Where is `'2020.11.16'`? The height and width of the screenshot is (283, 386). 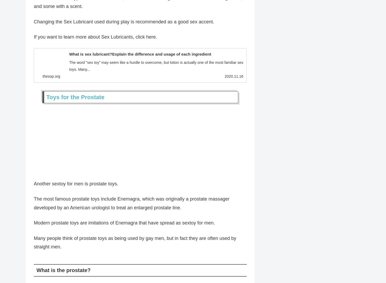 '2020.11.16' is located at coordinates (233, 78).